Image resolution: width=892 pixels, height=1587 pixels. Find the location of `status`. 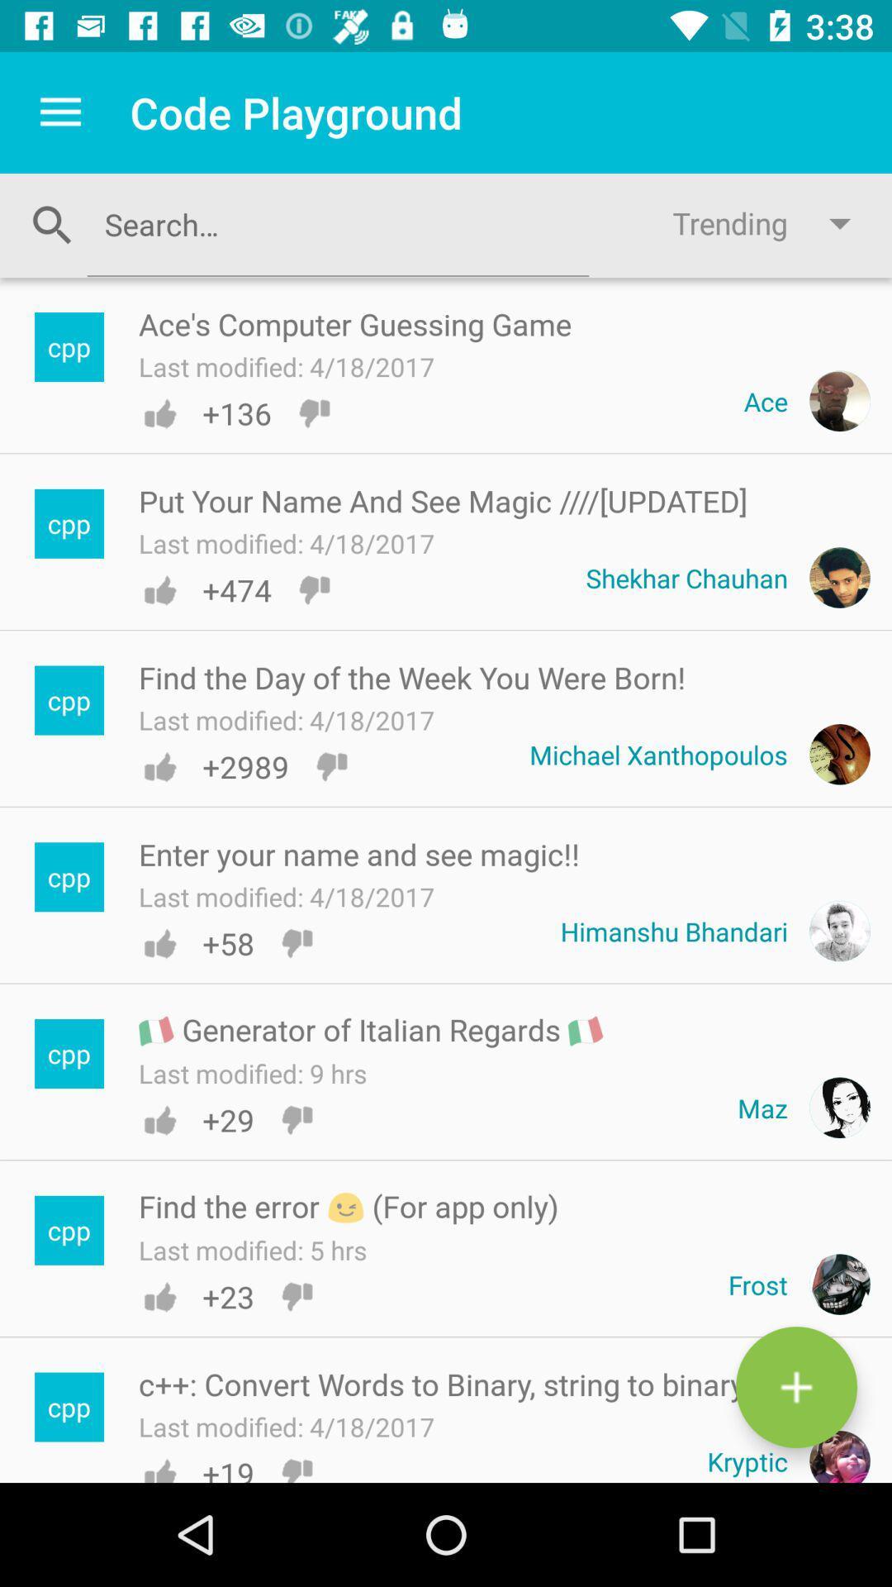

status is located at coordinates (795, 1387).